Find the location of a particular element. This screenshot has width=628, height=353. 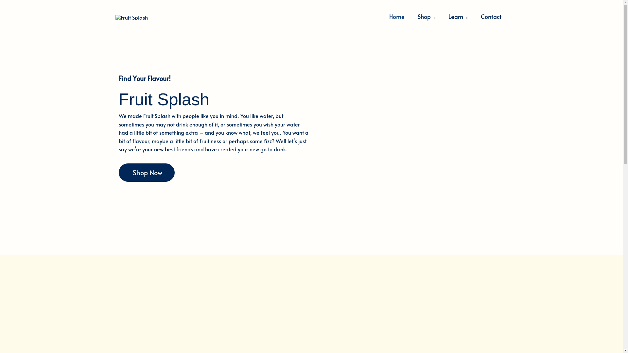

'Shop Now' is located at coordinates (118, 172).